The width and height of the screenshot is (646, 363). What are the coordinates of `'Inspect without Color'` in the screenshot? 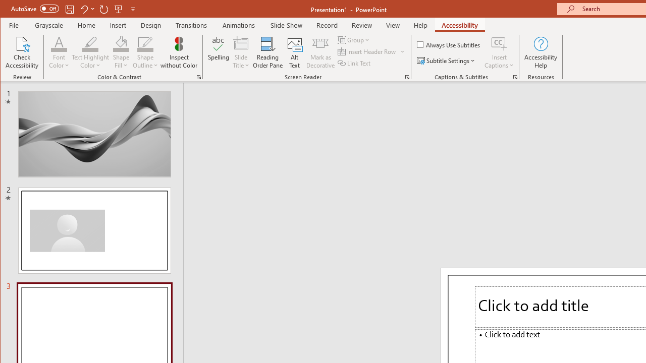 It's located at (179, 52).